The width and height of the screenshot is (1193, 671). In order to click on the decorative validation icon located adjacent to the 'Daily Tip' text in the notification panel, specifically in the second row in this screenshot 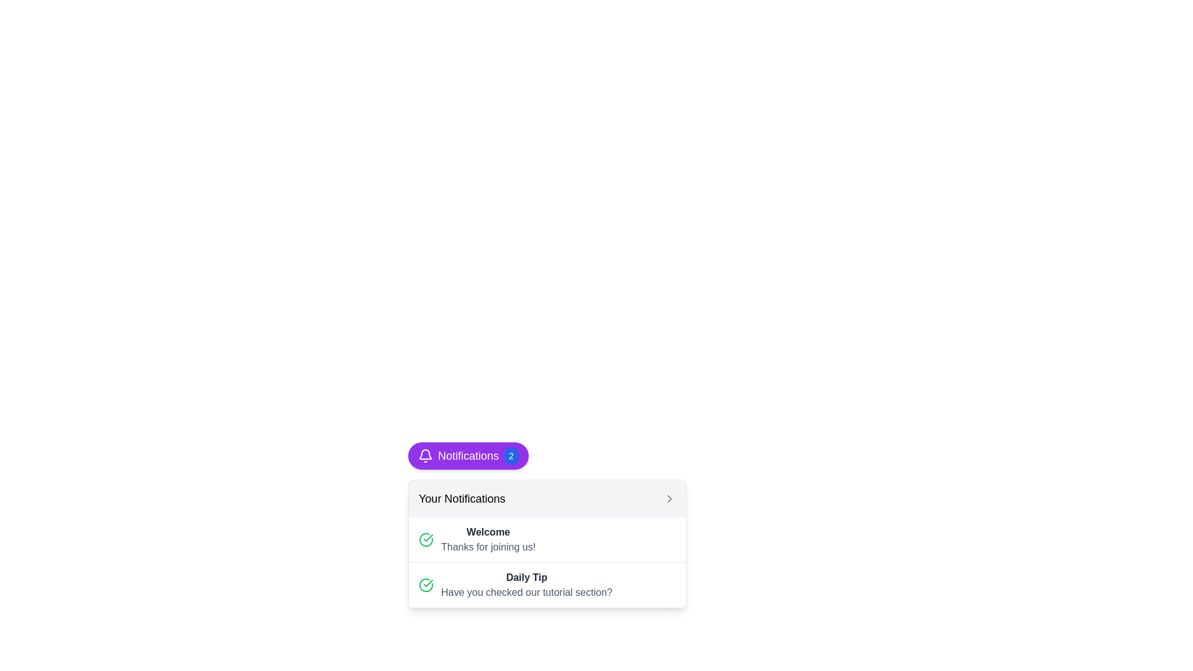, I will do `click(426, 539)`.